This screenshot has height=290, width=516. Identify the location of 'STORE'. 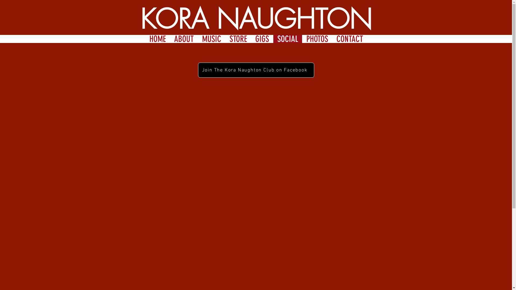
(225, 39).